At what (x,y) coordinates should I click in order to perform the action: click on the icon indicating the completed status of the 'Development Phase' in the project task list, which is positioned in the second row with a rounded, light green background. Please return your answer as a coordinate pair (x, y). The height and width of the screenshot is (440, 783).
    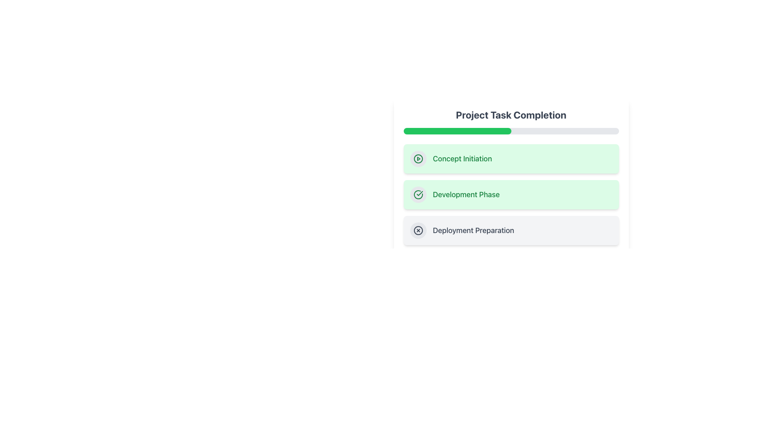
    Looking at the image, I should click on (418, 195).